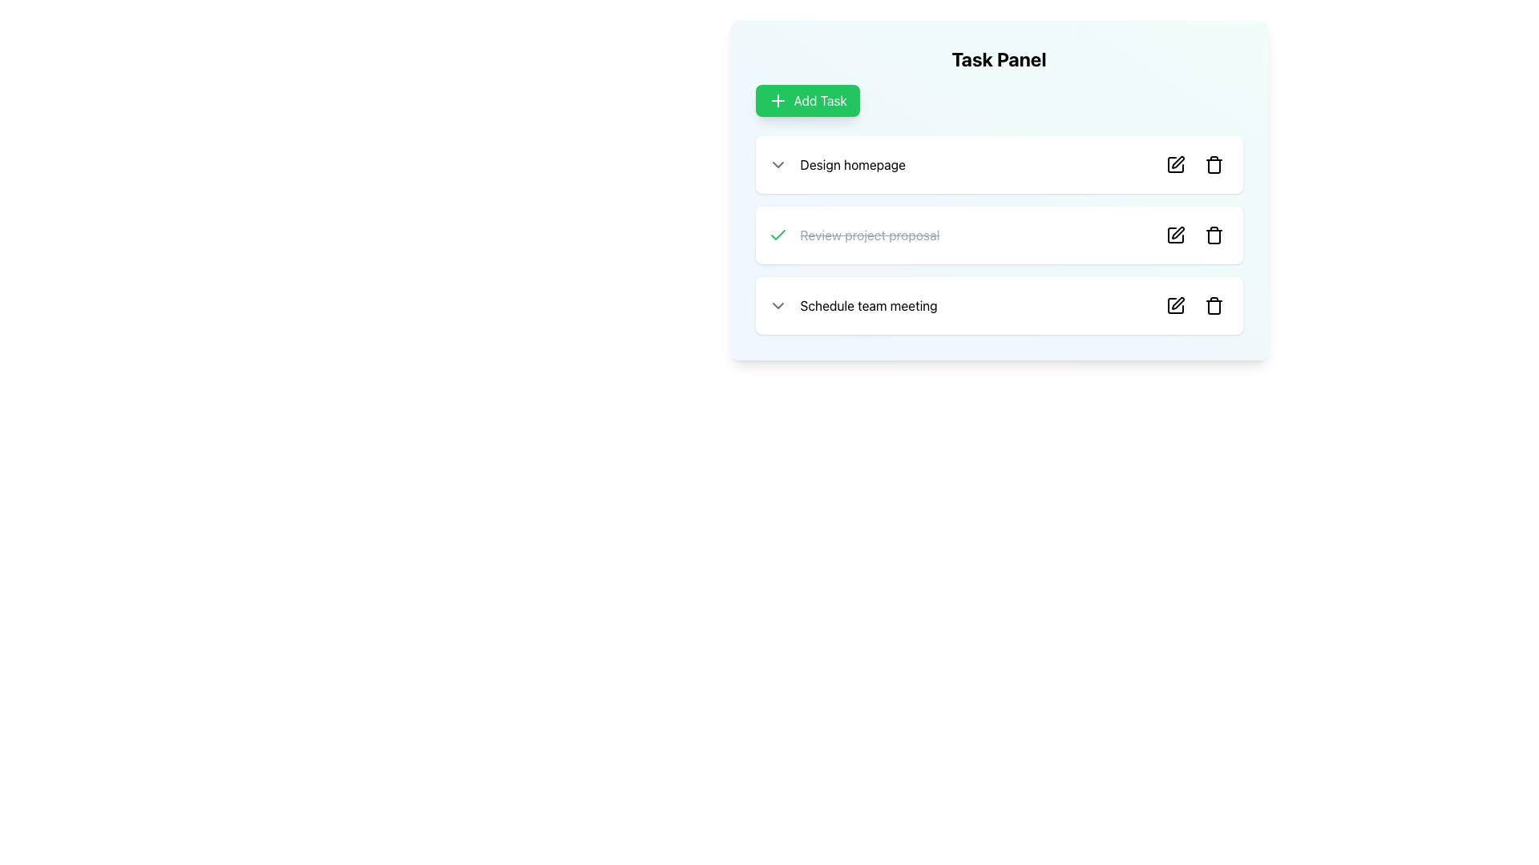 The height and width of the screenshot is (865, 1539). I want to click on the first task item card in the Task Panel interface, so click(998, 164).